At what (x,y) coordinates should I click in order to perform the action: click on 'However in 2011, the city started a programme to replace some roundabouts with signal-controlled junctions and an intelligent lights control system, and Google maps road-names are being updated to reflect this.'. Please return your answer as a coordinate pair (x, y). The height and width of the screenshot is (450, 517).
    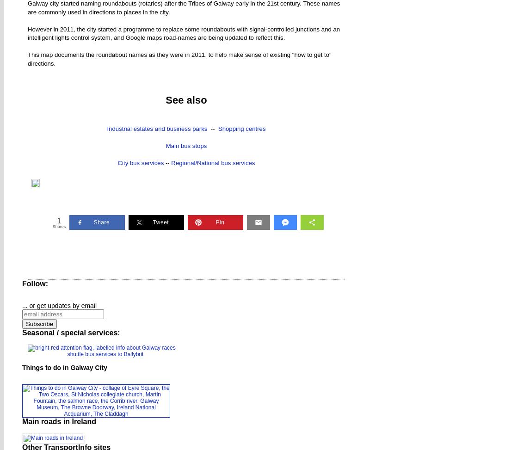
    Looking at the image, I should click on (183, 33).